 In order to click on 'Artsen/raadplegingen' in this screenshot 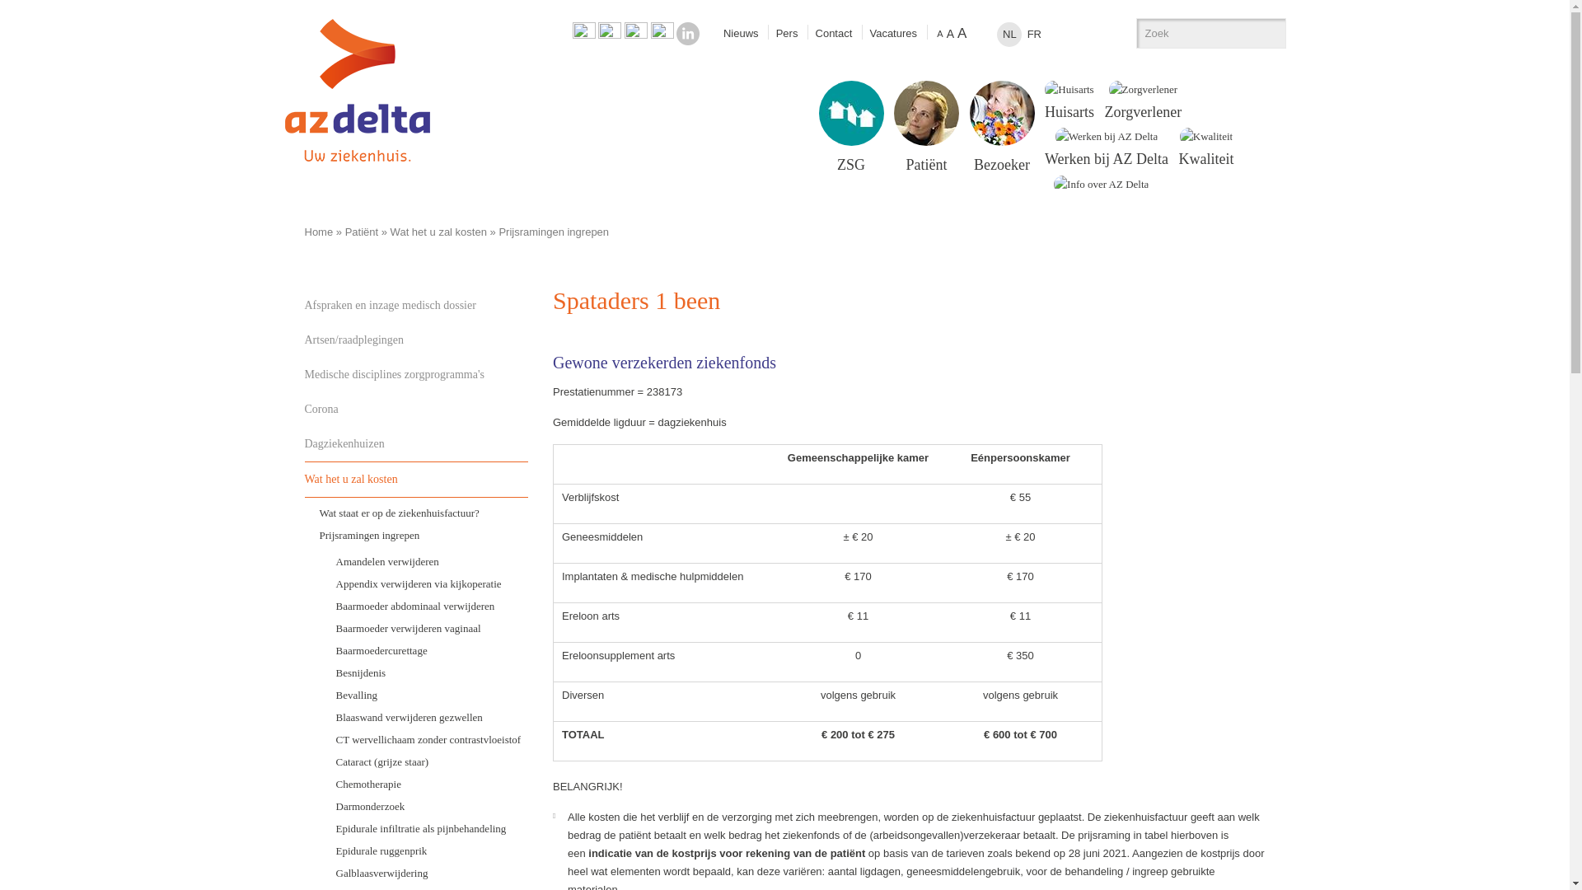, I will do `click(416, 339)`.